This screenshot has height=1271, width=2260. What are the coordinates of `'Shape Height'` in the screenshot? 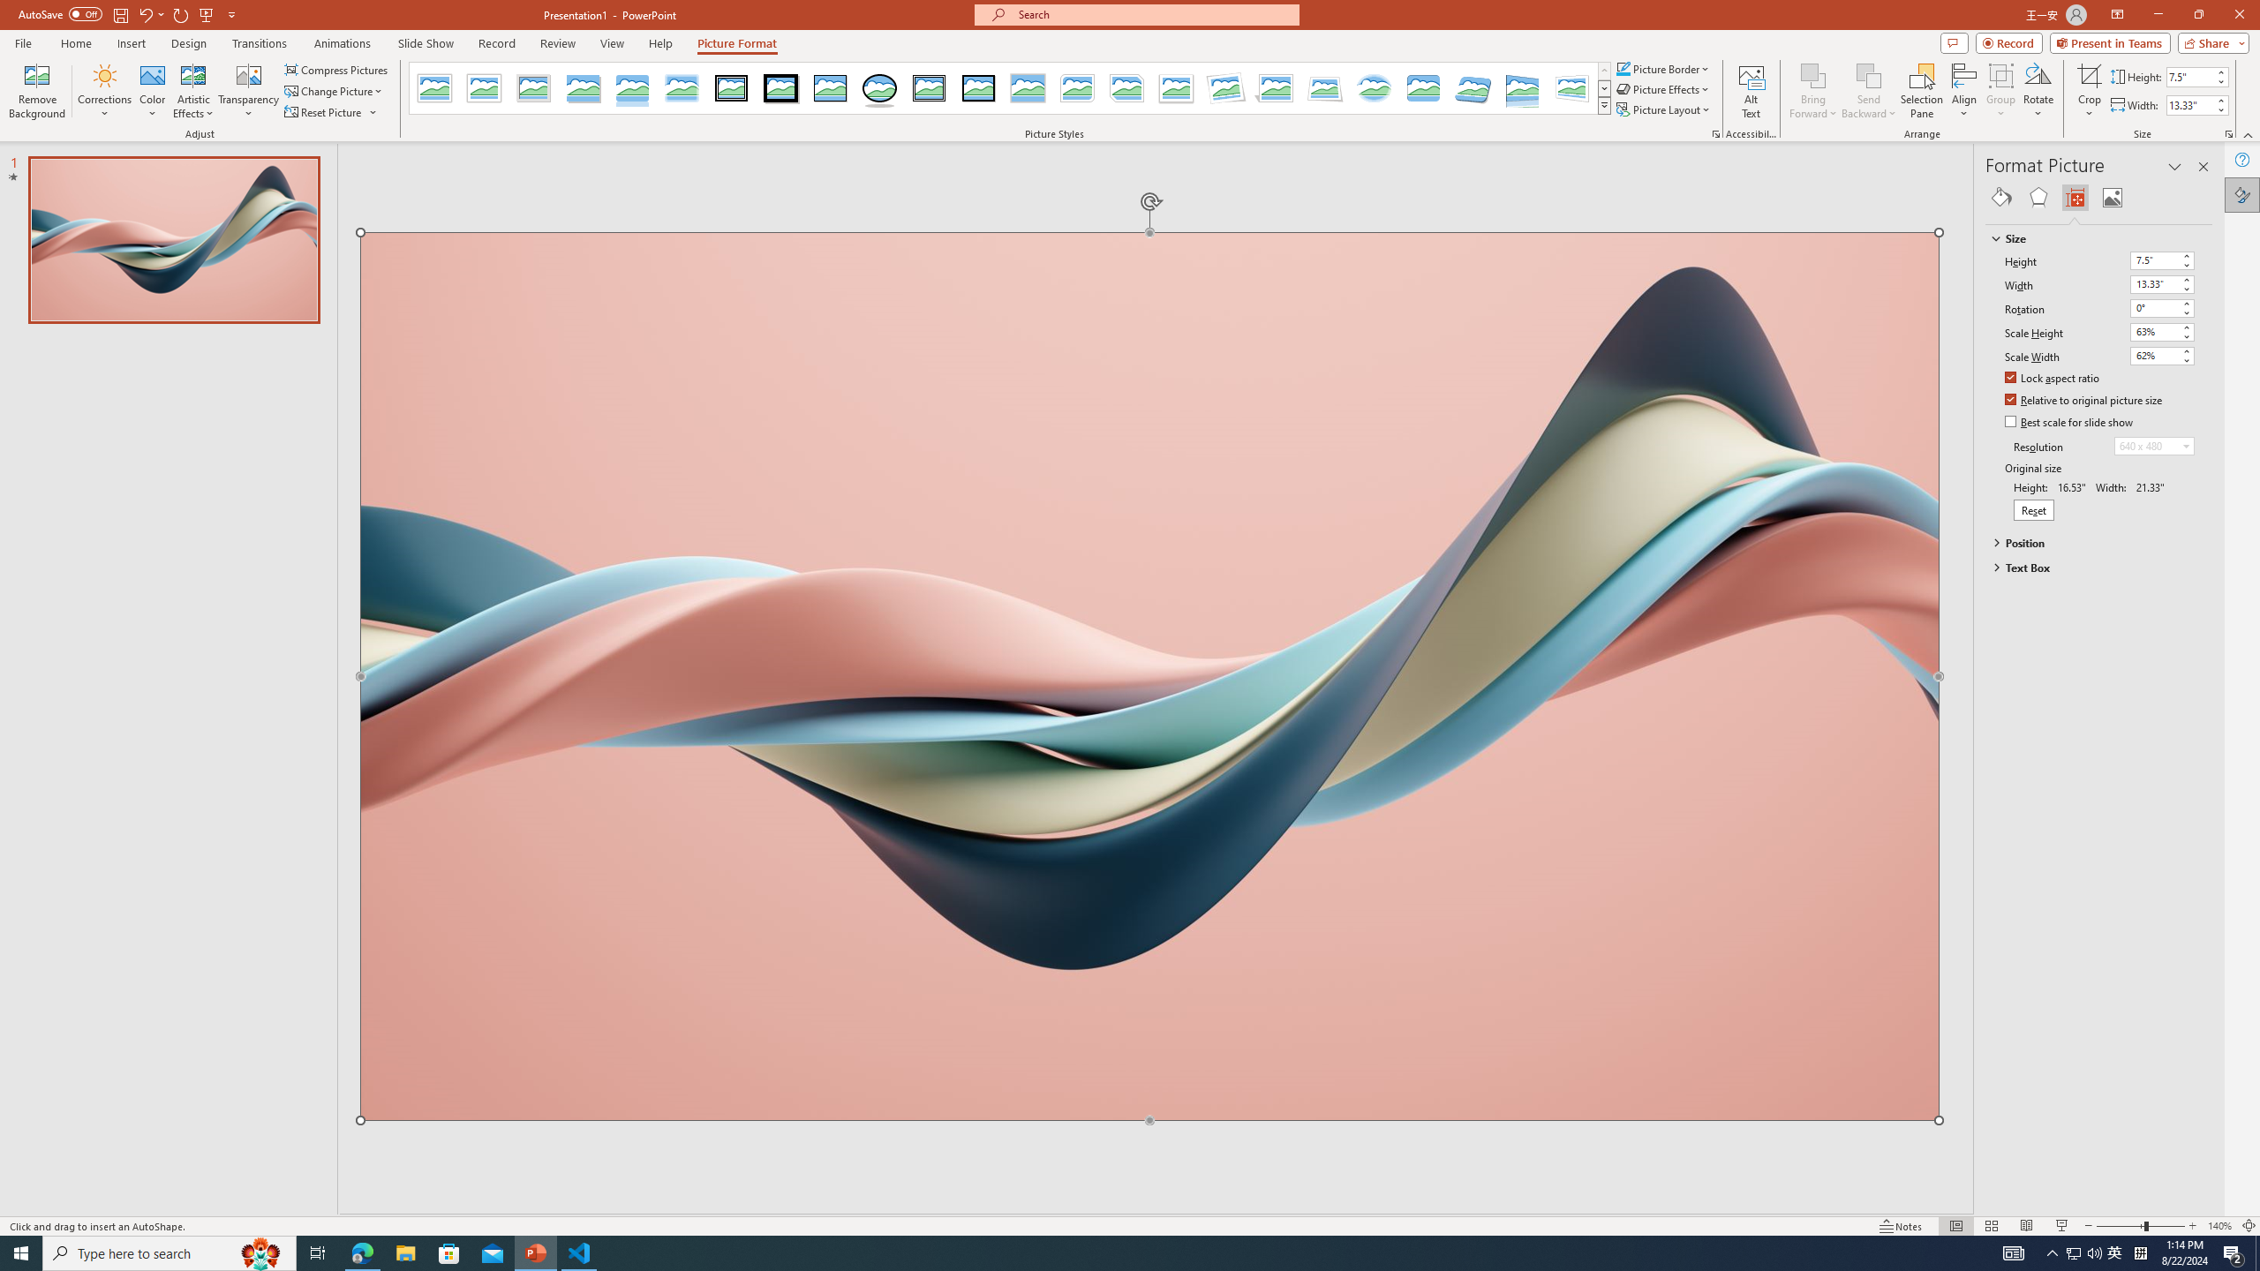 It's located at (2188, 77).